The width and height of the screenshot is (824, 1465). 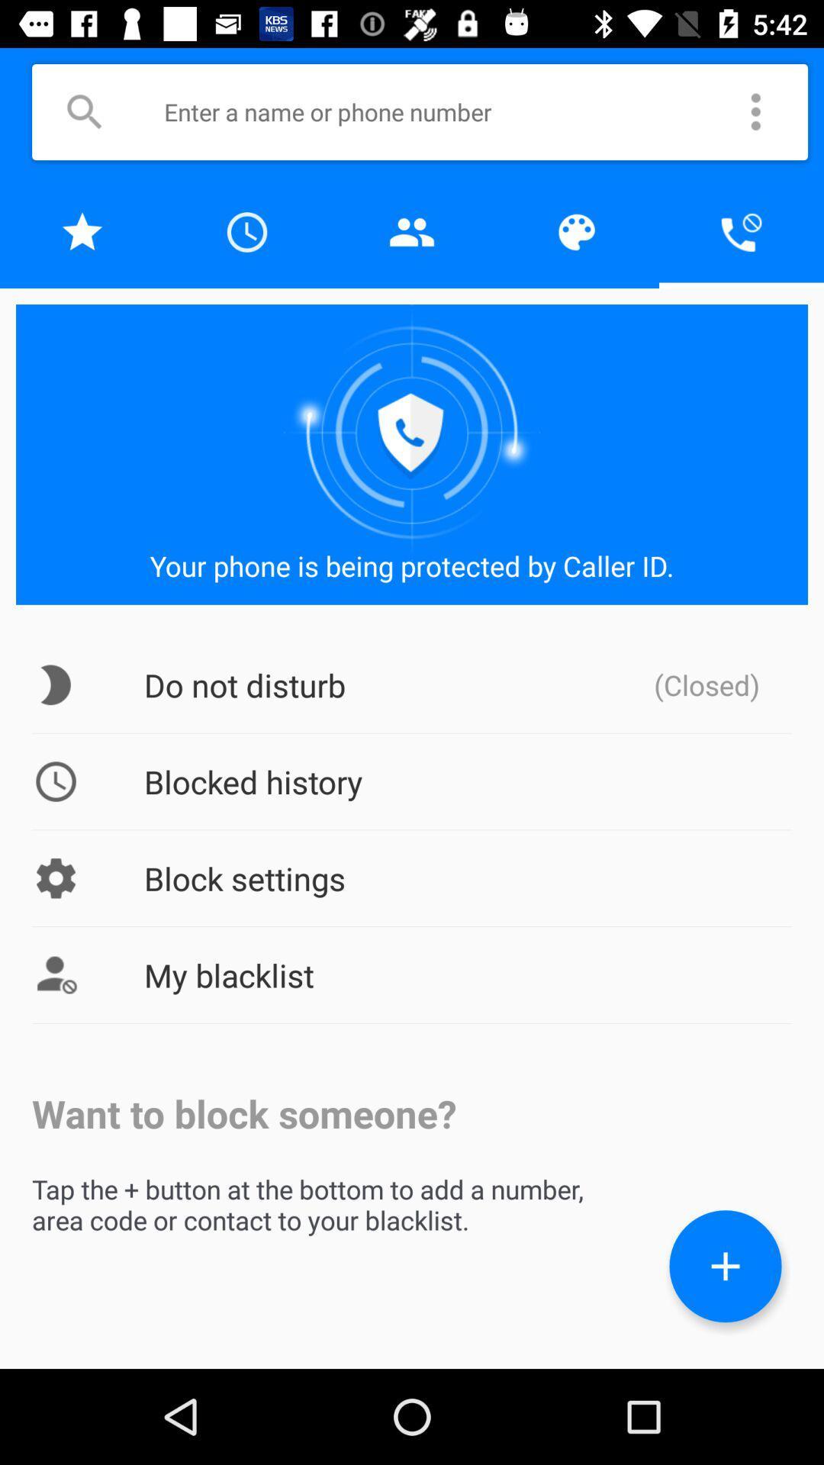 What do you see at coordinates (82, 231) in the screenshot?
I see `bookmark this` at bounding box center [82, 231].